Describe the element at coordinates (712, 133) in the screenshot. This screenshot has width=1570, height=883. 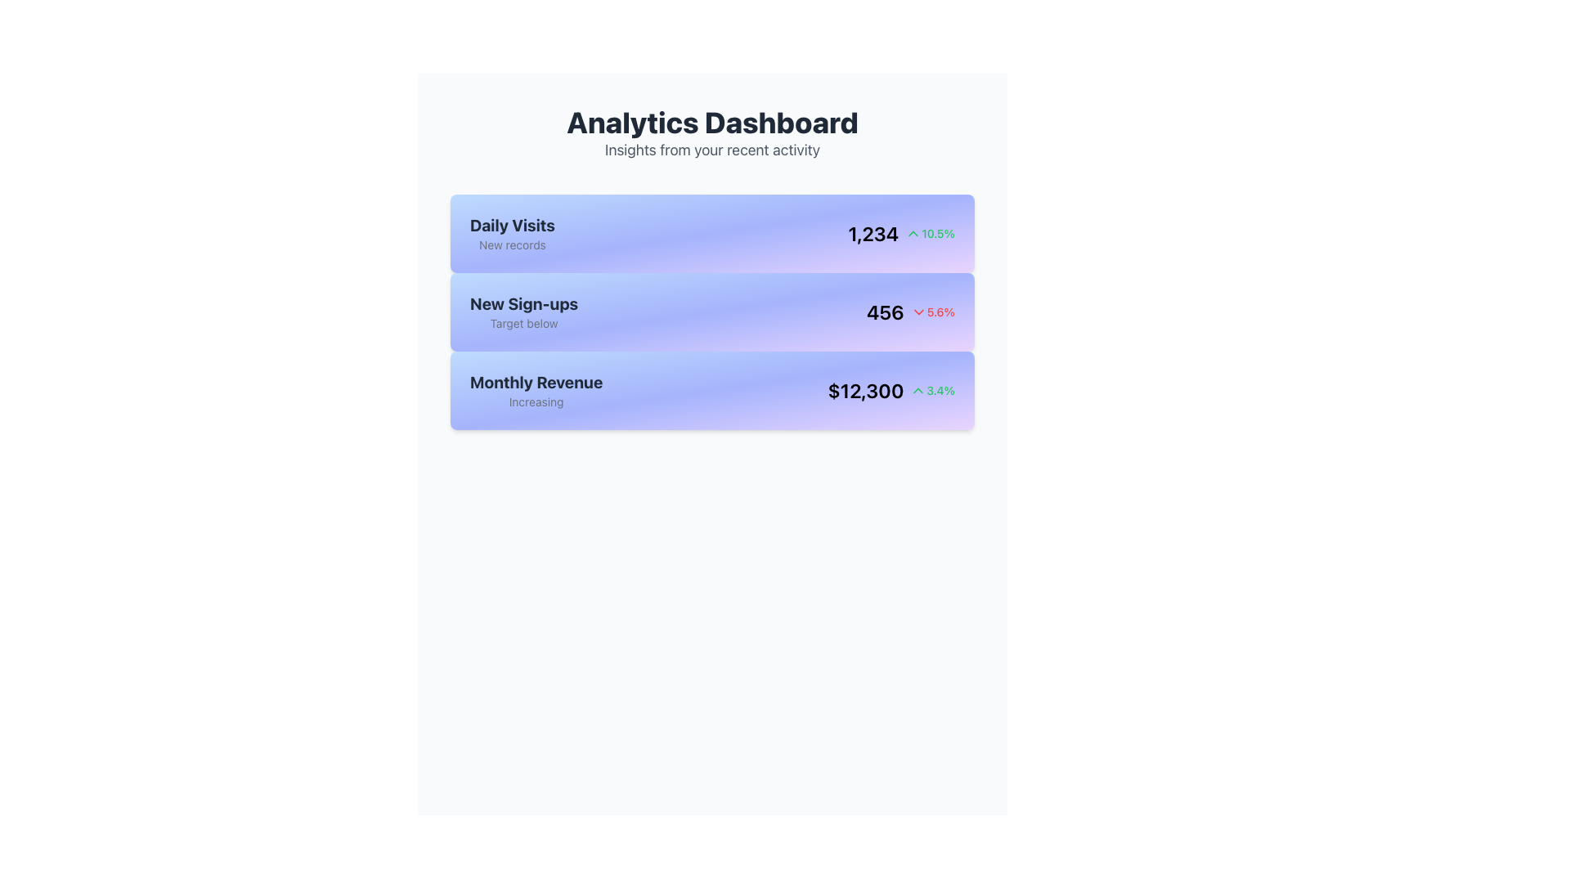
I see `the header element titled 'Analytics Dashboard' which includes the subtitle 'Insights from your recent activity'` at that location.